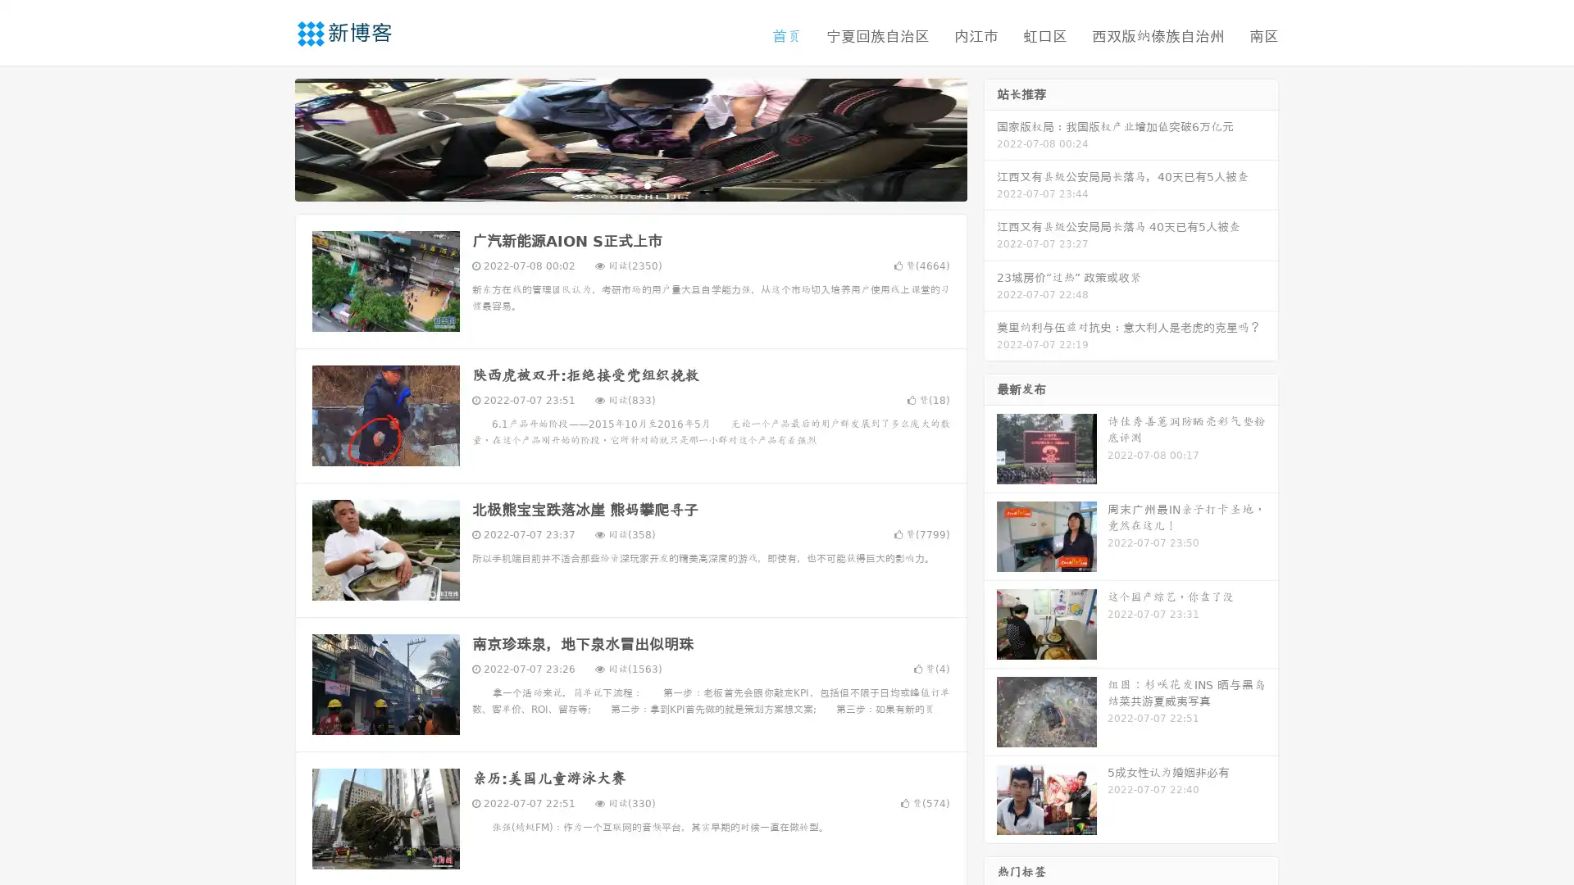 This screenshot has width=1574, height=885. I want to click on Go to slide 1, so click(613, 184).